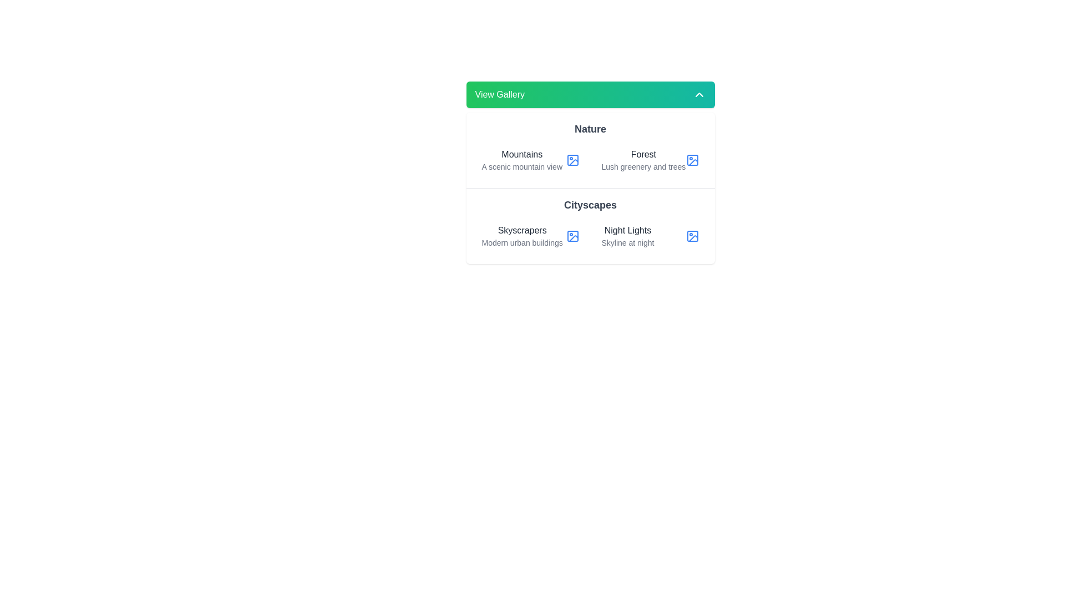 Image resolution: width=1065 pixels, height=599 pixels. What do you see at coordinates (650, 235) in the screenshot?
I see `the 'Night Lights' list item containing the title 'Night Lights' in bold and the subtitle 'Skyline at night'` at bounding box center [650, 235].